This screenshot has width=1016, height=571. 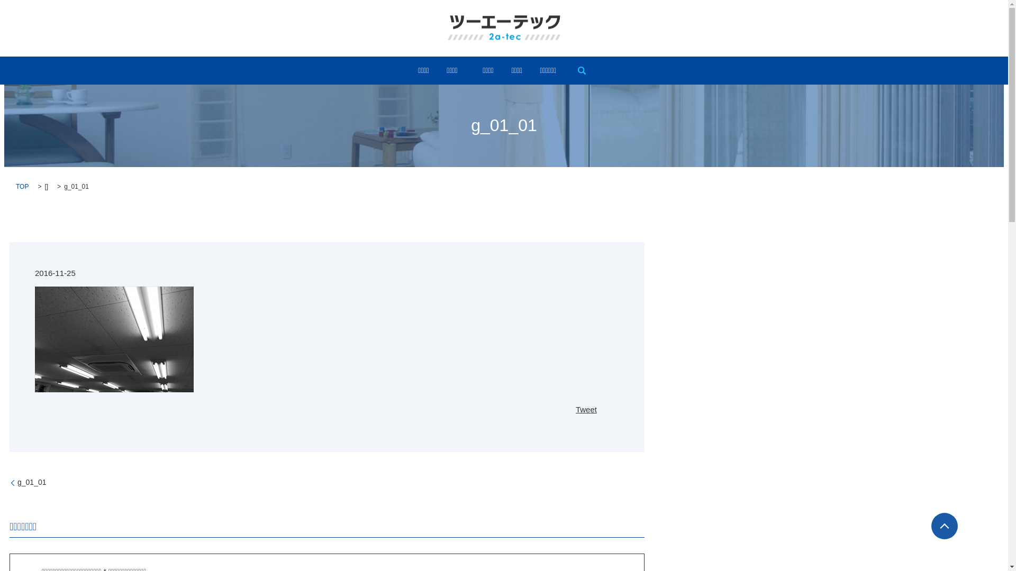 What do you see at coordinates (15, 186) in the screenshot?
I see `'TOP'` at bounding box center [15, 186].